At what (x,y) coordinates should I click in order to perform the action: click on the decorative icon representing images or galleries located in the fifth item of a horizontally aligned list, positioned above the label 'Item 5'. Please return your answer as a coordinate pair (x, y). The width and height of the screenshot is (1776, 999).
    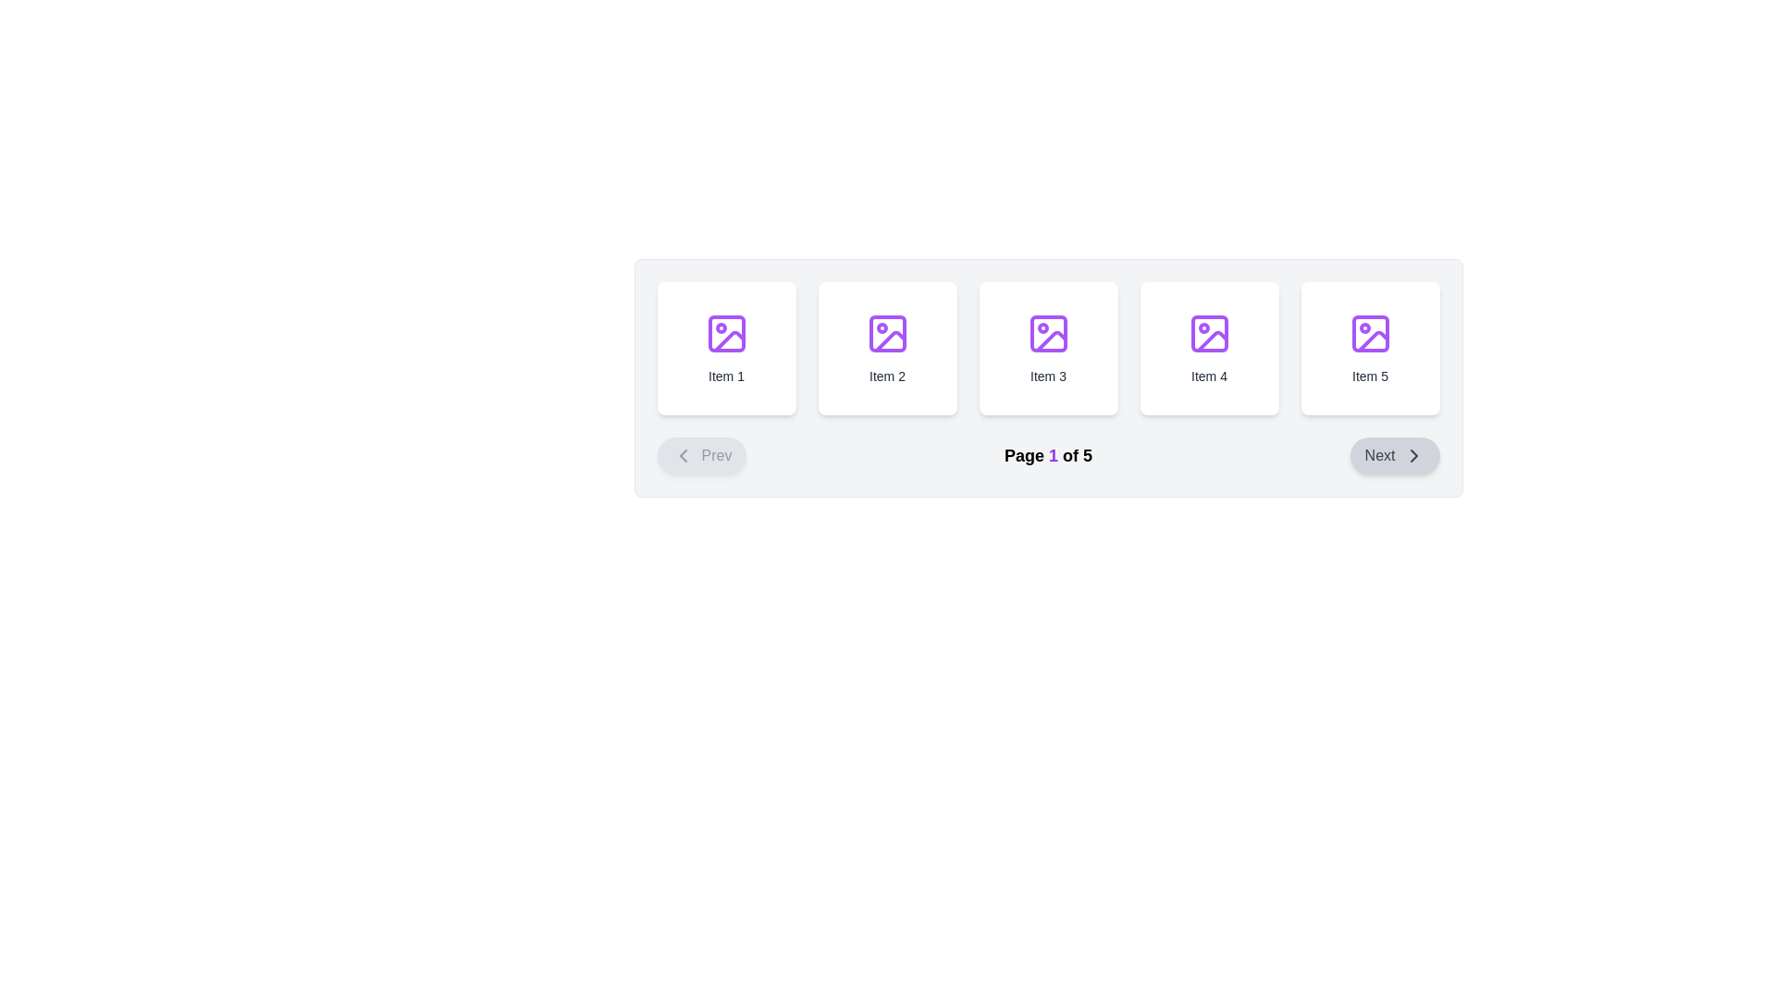
    Looking at the image, I should click on (1370, 334).